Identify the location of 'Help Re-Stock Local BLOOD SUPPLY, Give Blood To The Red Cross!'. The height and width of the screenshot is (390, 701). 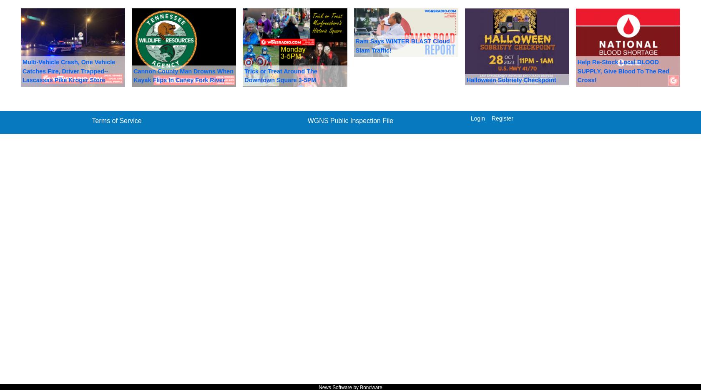
(623, 70).